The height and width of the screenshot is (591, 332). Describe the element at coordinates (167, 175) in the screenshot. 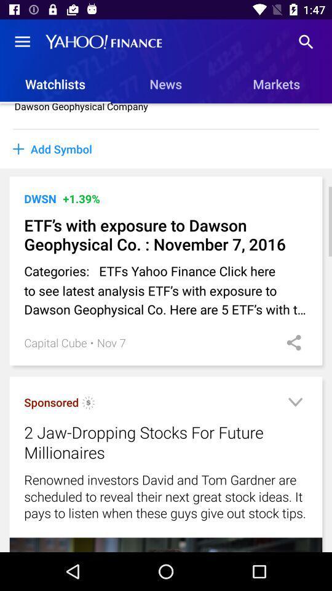

I see `item below the add symbol item` at that location.